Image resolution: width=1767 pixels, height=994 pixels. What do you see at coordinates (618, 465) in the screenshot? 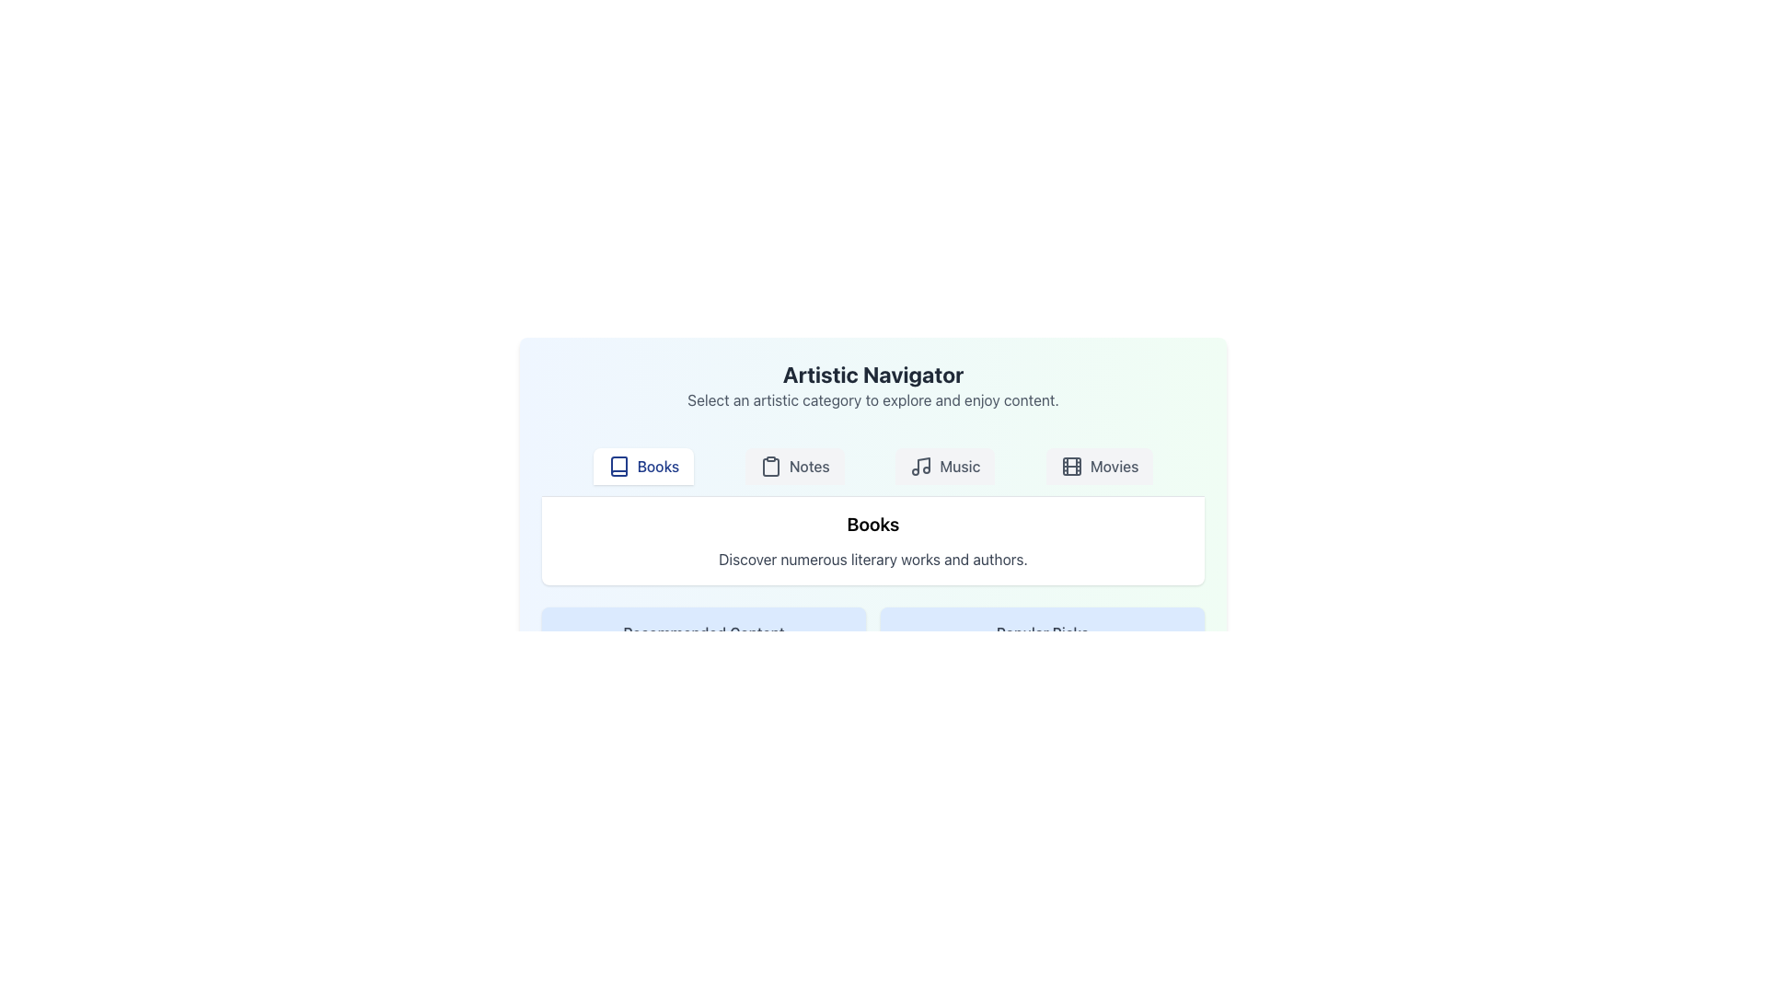
I see `the 'Books' category icon located in the top horizontal menu` at bounding box center [618, 465].